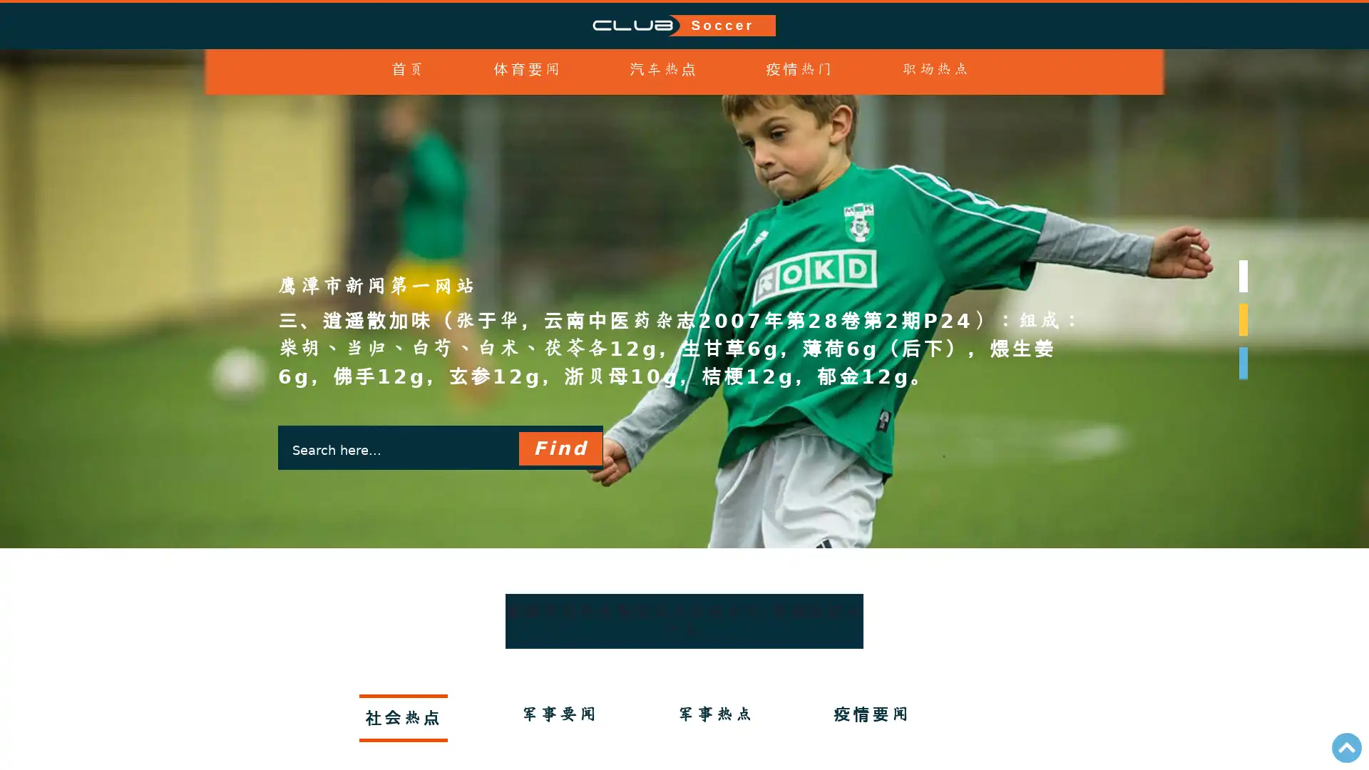 This screenshot has height=770, width=1369. Describe the element at coordinates (559, 503) in the screenshot. I see `Find` at that location.